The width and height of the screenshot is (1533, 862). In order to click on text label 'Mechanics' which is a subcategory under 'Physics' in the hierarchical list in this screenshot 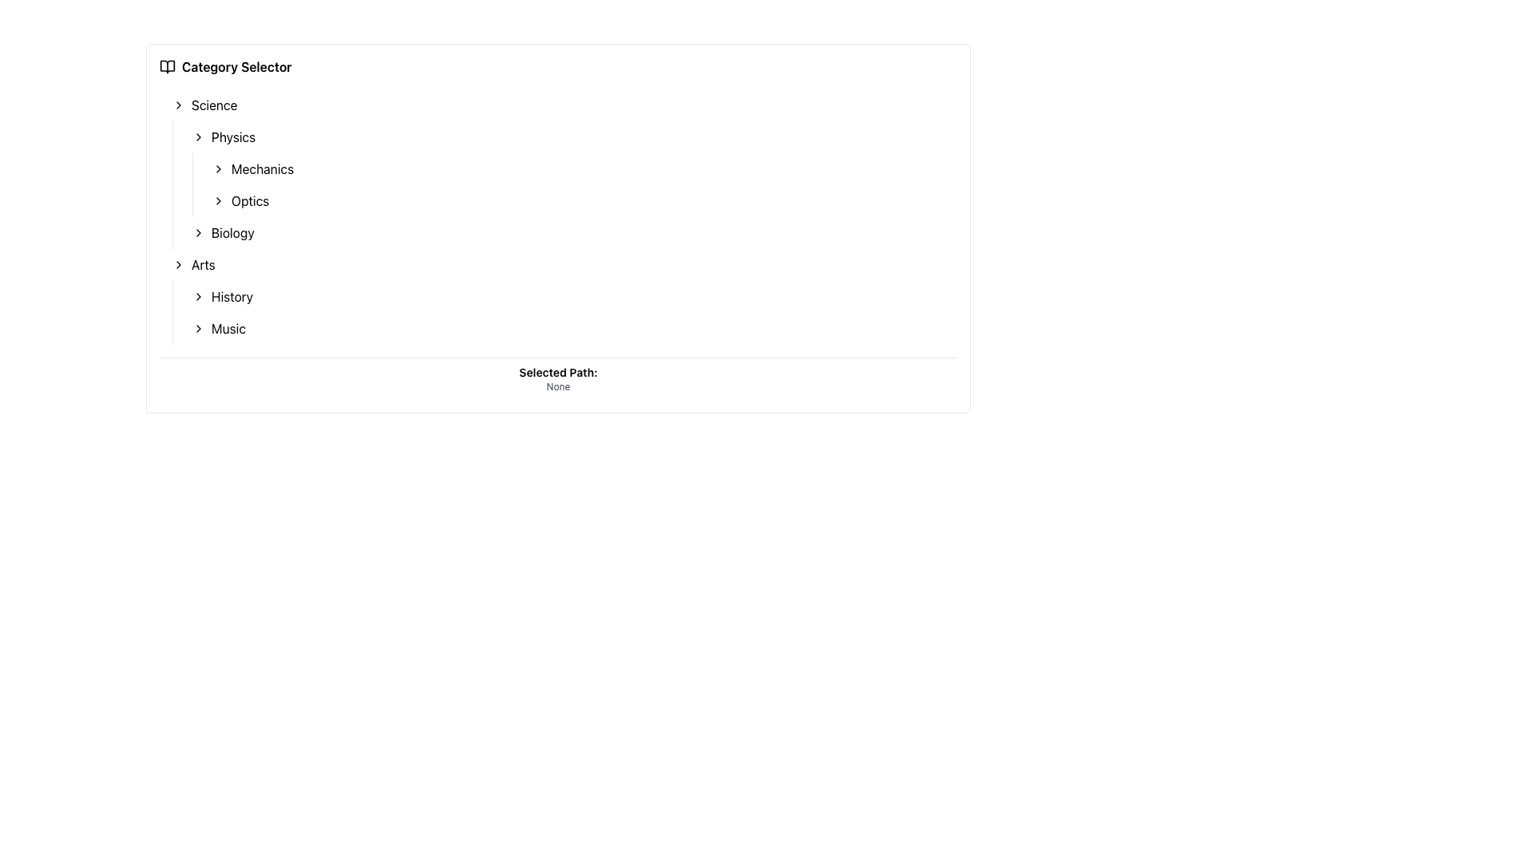, I will do `click(263, 169)`.